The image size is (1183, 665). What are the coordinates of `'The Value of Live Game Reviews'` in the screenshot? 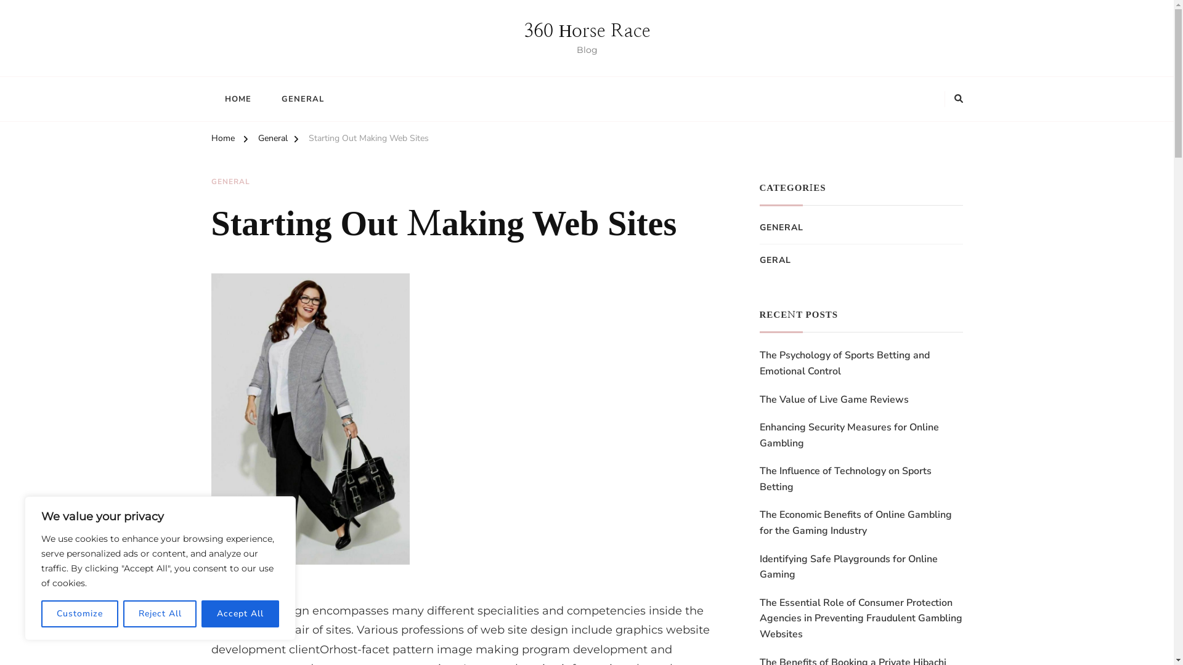 It's located at (834, 399).